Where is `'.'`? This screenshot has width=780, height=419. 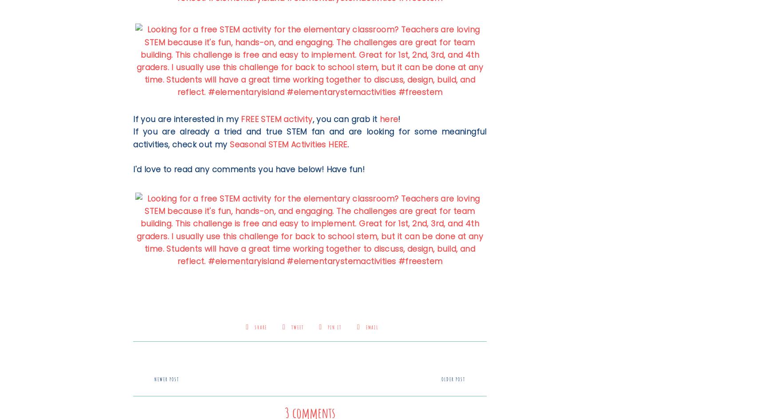
'.' is located at coordinates (347, 144).